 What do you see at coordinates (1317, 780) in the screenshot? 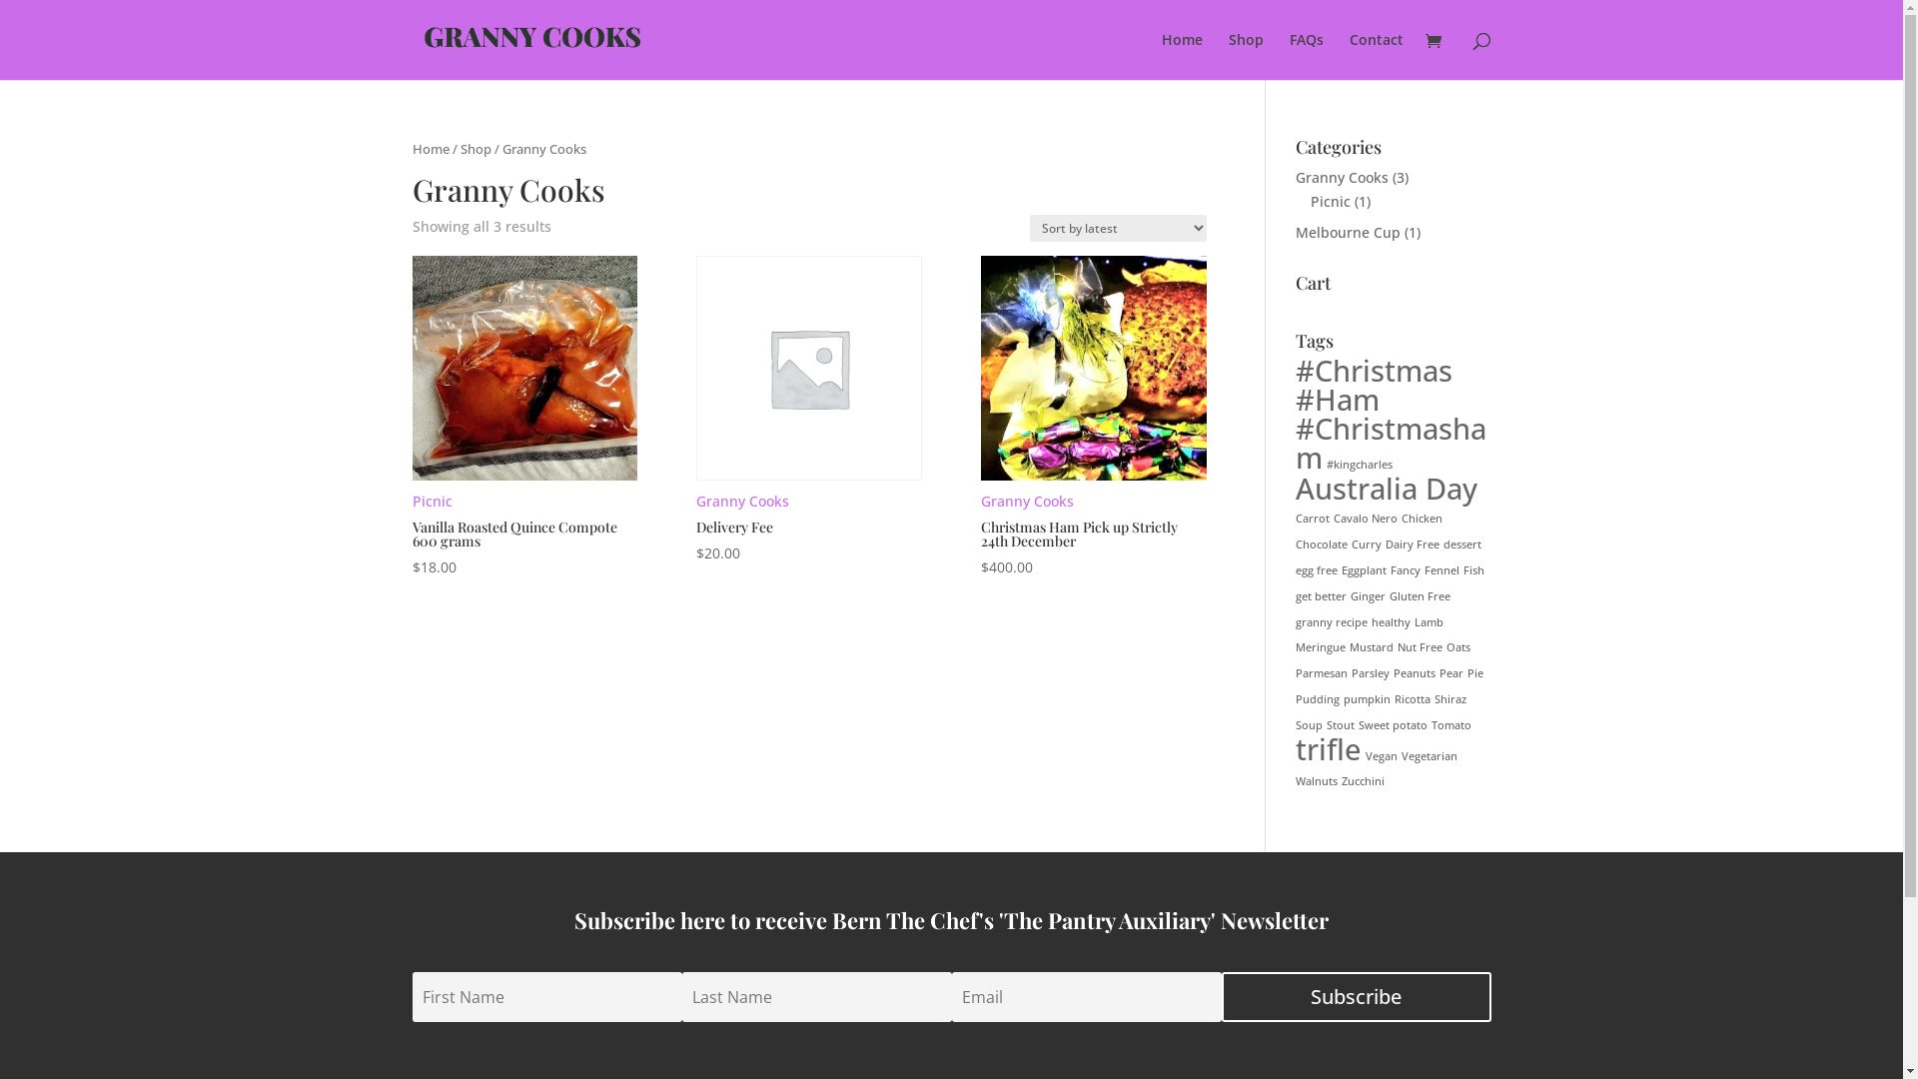
I see `'Walnuts'` at bounding box center [1317, 780].